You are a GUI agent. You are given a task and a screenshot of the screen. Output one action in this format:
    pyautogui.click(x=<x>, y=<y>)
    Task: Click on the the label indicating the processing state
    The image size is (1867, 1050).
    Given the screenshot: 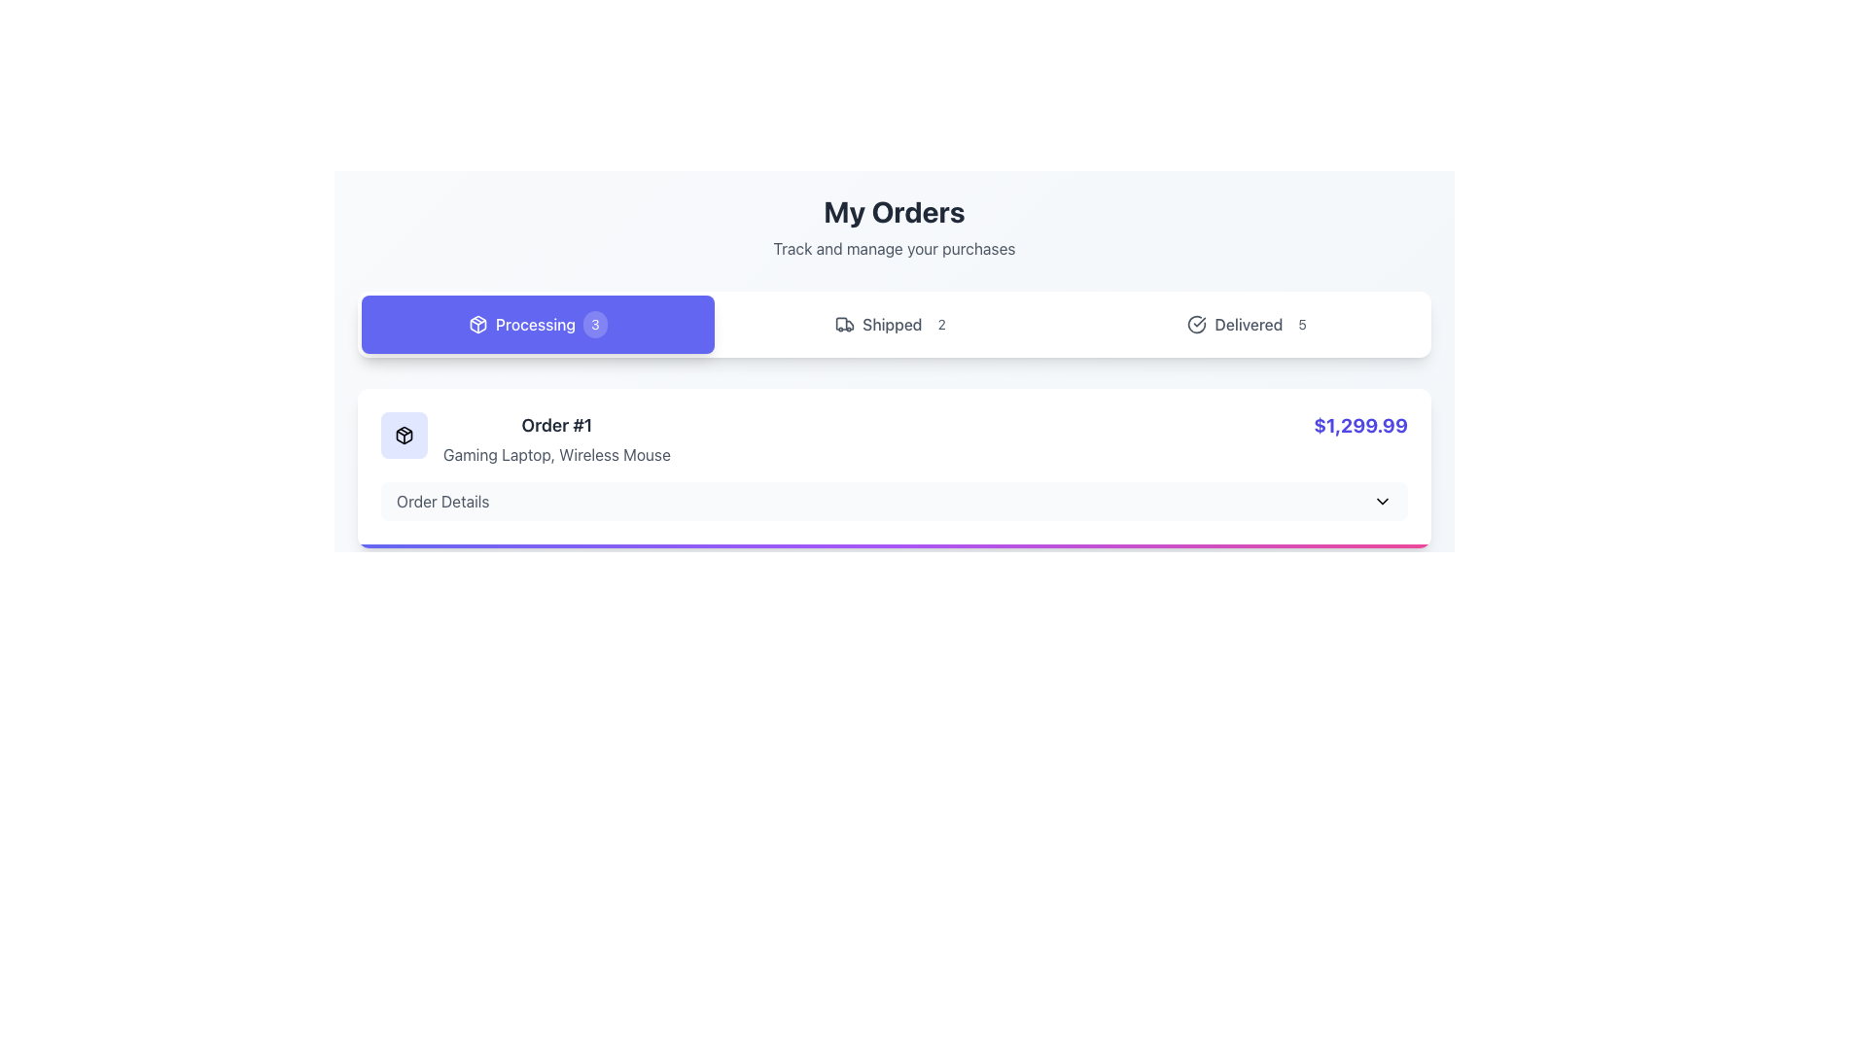 What is the action you would take?
    pyautogui.click(x=536, y=324)
    